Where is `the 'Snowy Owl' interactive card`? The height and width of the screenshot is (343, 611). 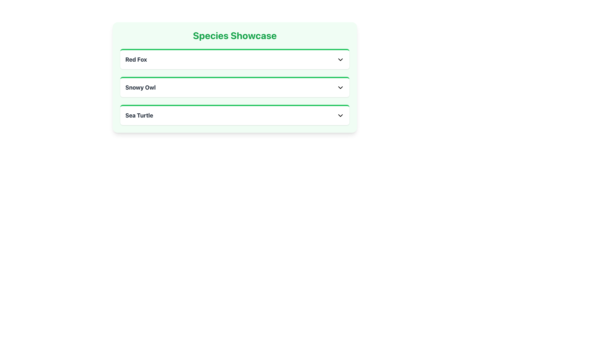 the 'Snowy Owl' interactive card is located at coordinates (235, 87).